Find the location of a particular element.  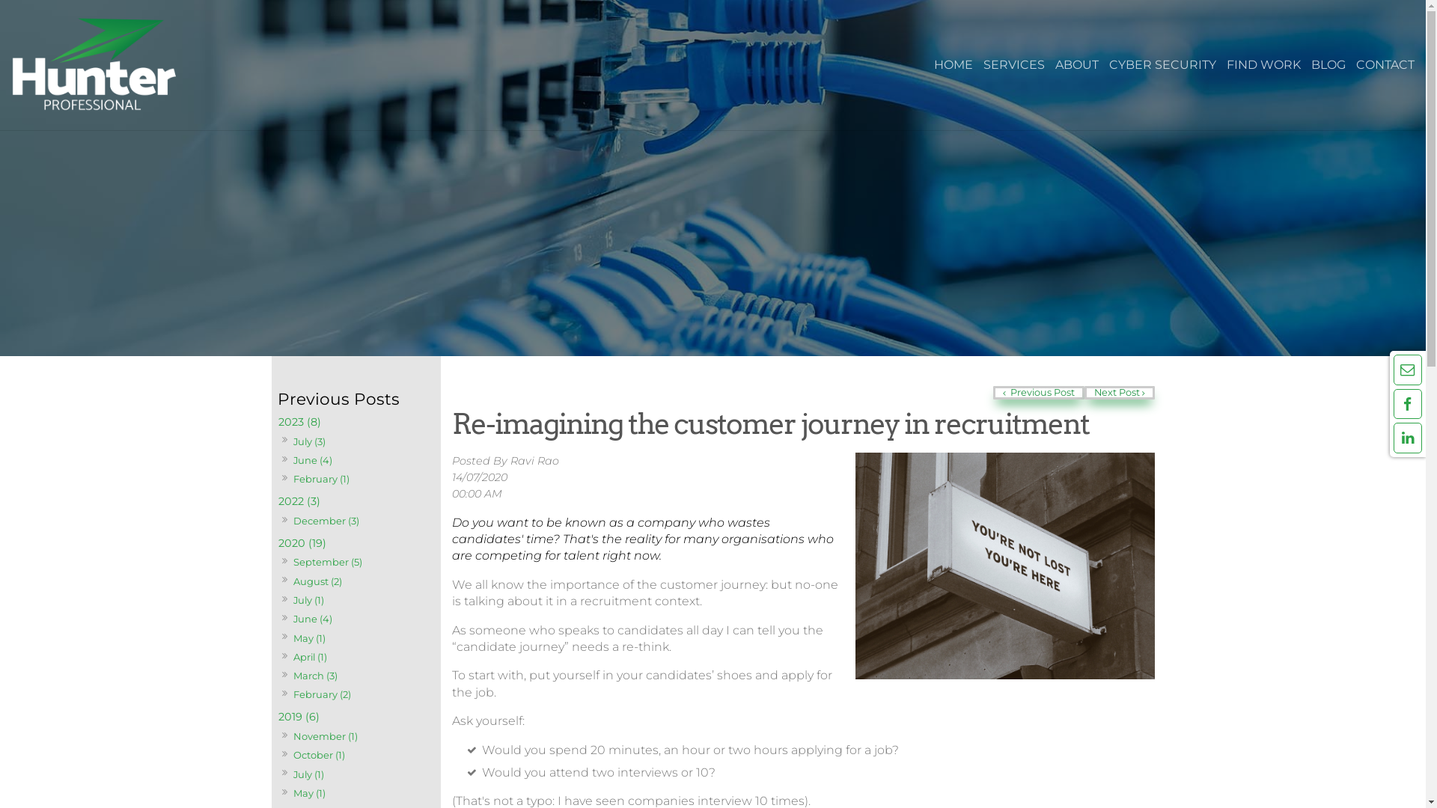

'Next Post' is located at coordinates (1084, 391).